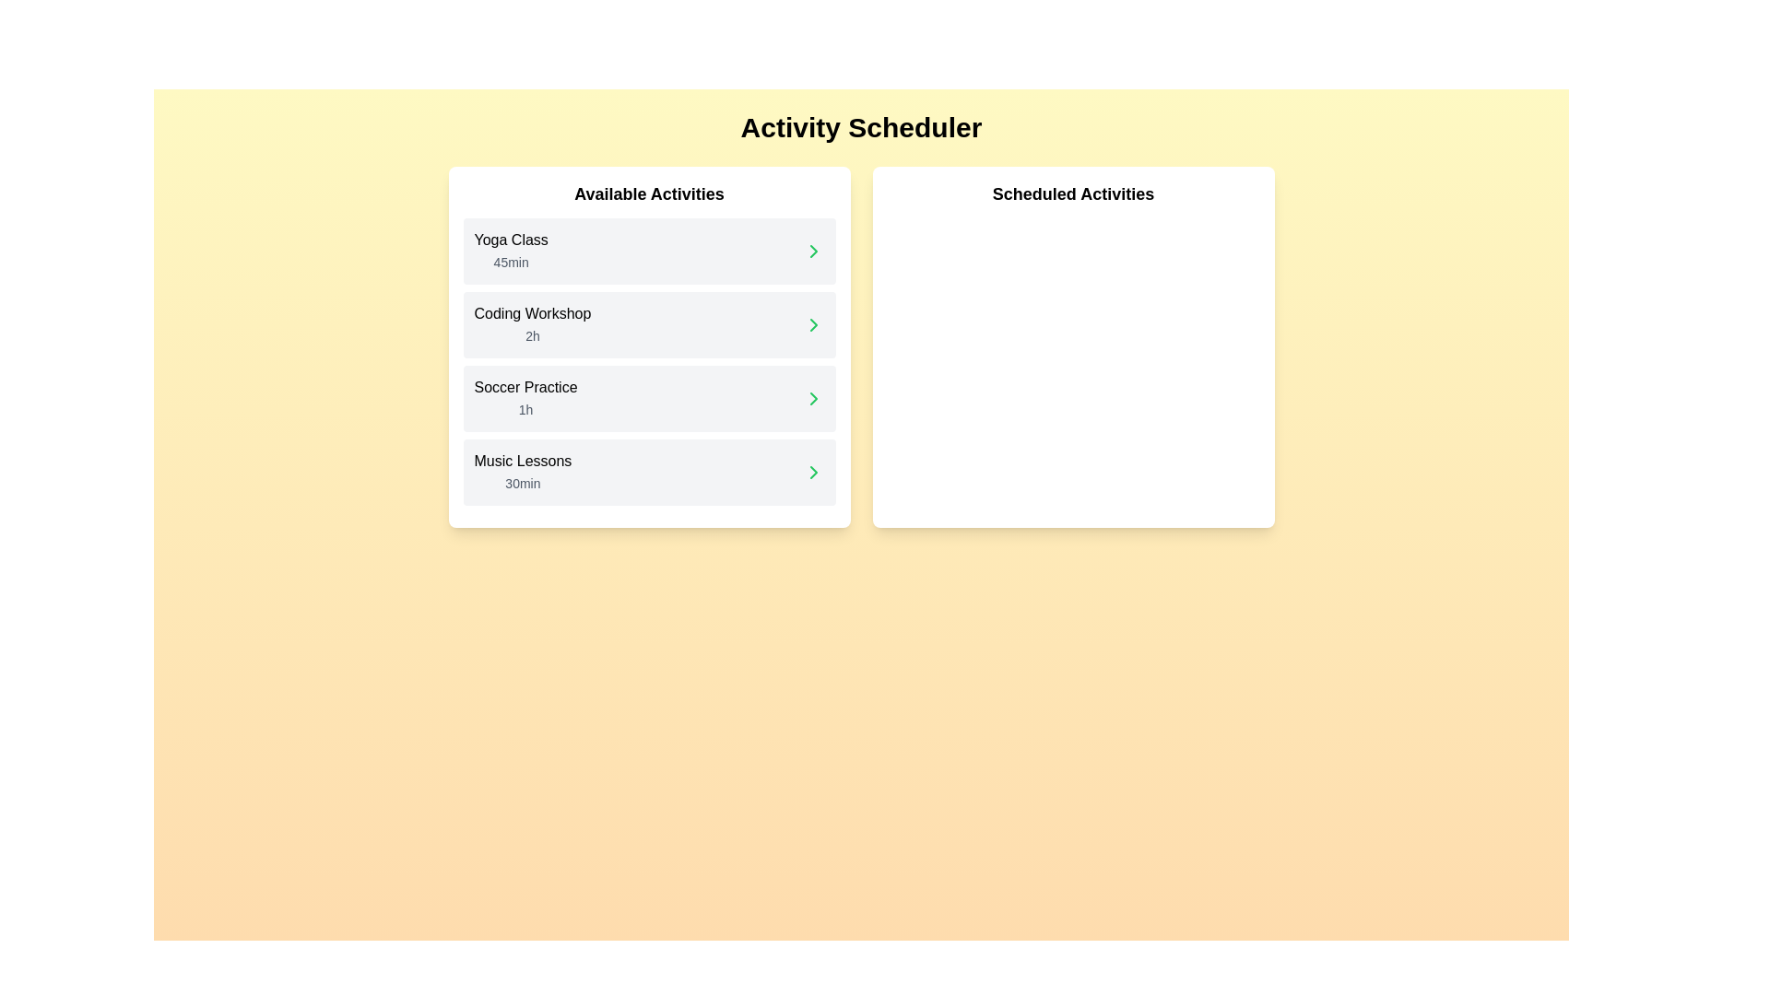 Image resolution: width=1770 pixels, height=995 pixels. Describe the element at coordinates (812, 397) in the screenshot. I see `the chevron icon next to the activity Soccer Practice to schedule it` at that location.